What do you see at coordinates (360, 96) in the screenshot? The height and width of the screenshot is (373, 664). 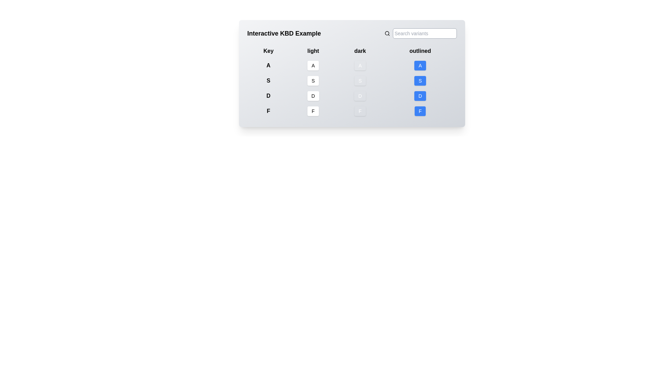 I see `the dark-themed button-like display element representing the 'D' key, which is located in the third row and third column of the keyboard layout example` at bounding box center [360, 96].